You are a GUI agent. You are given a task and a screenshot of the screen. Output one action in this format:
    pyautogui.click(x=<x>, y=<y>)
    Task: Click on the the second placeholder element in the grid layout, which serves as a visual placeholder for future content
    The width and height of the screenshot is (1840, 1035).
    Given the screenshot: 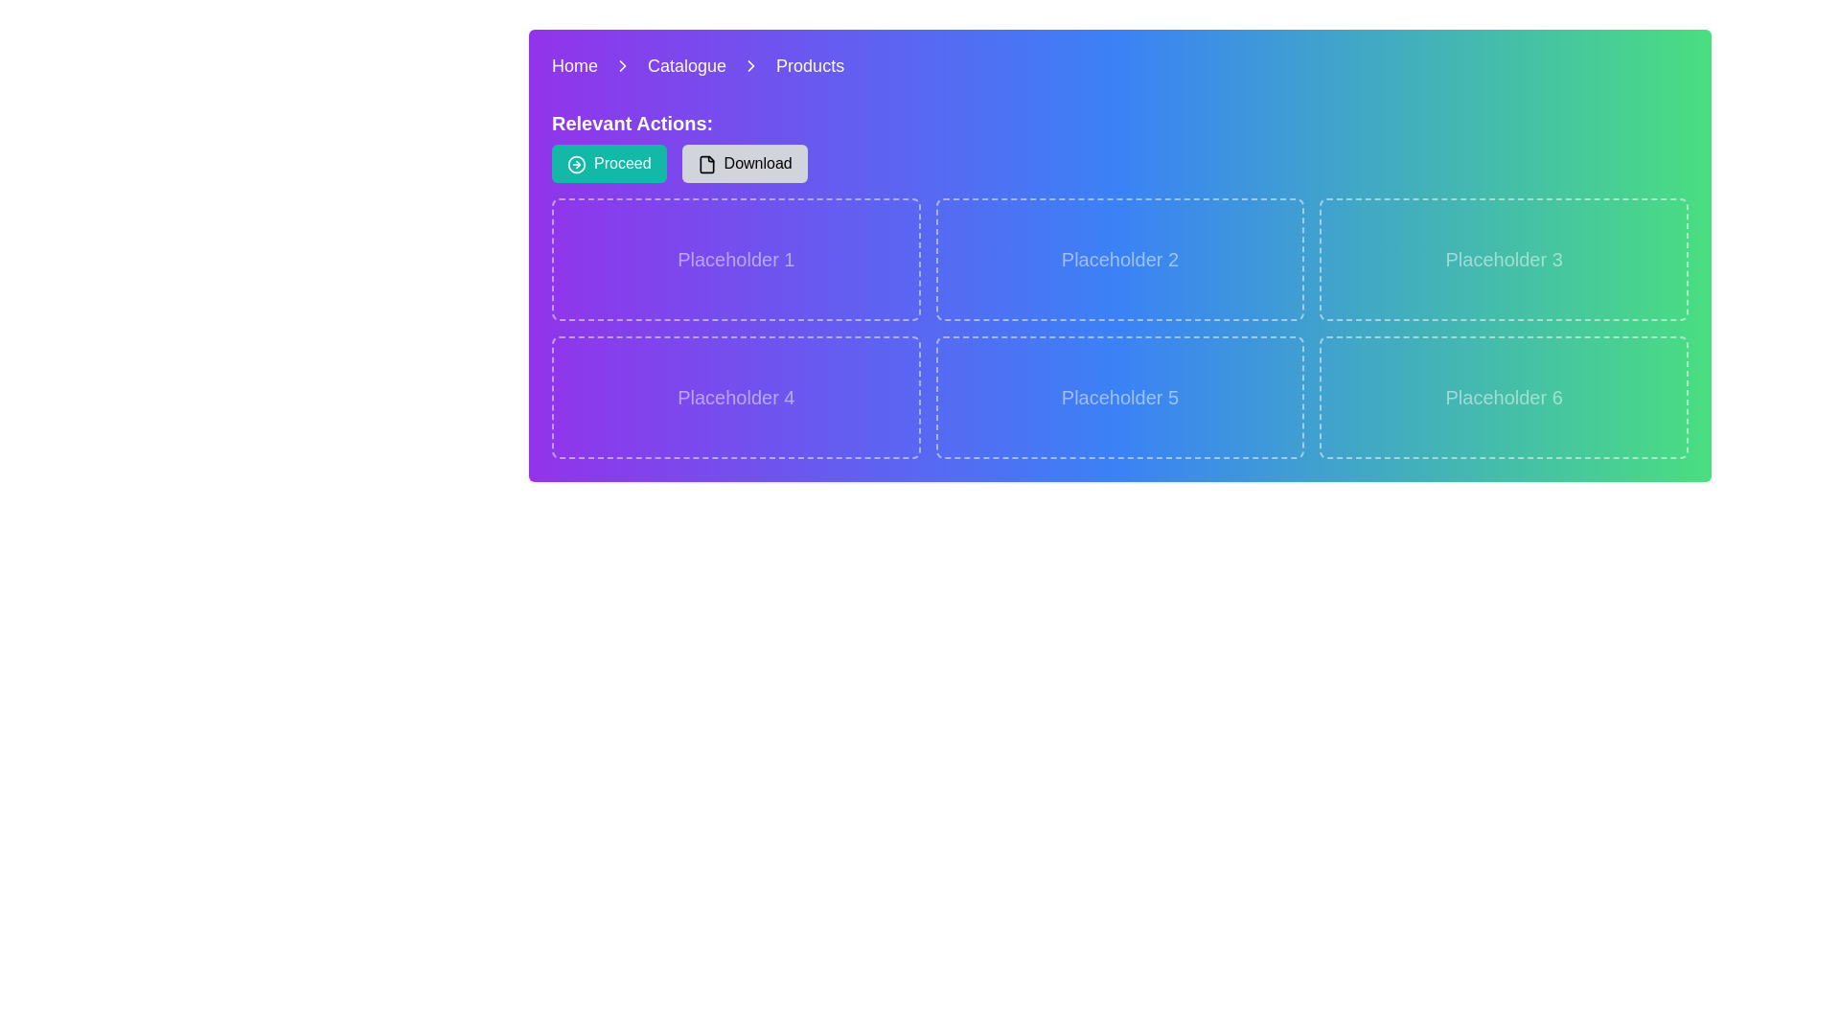 What is the action you would take?
    pyautogui.click(x=1119, y=259)
    